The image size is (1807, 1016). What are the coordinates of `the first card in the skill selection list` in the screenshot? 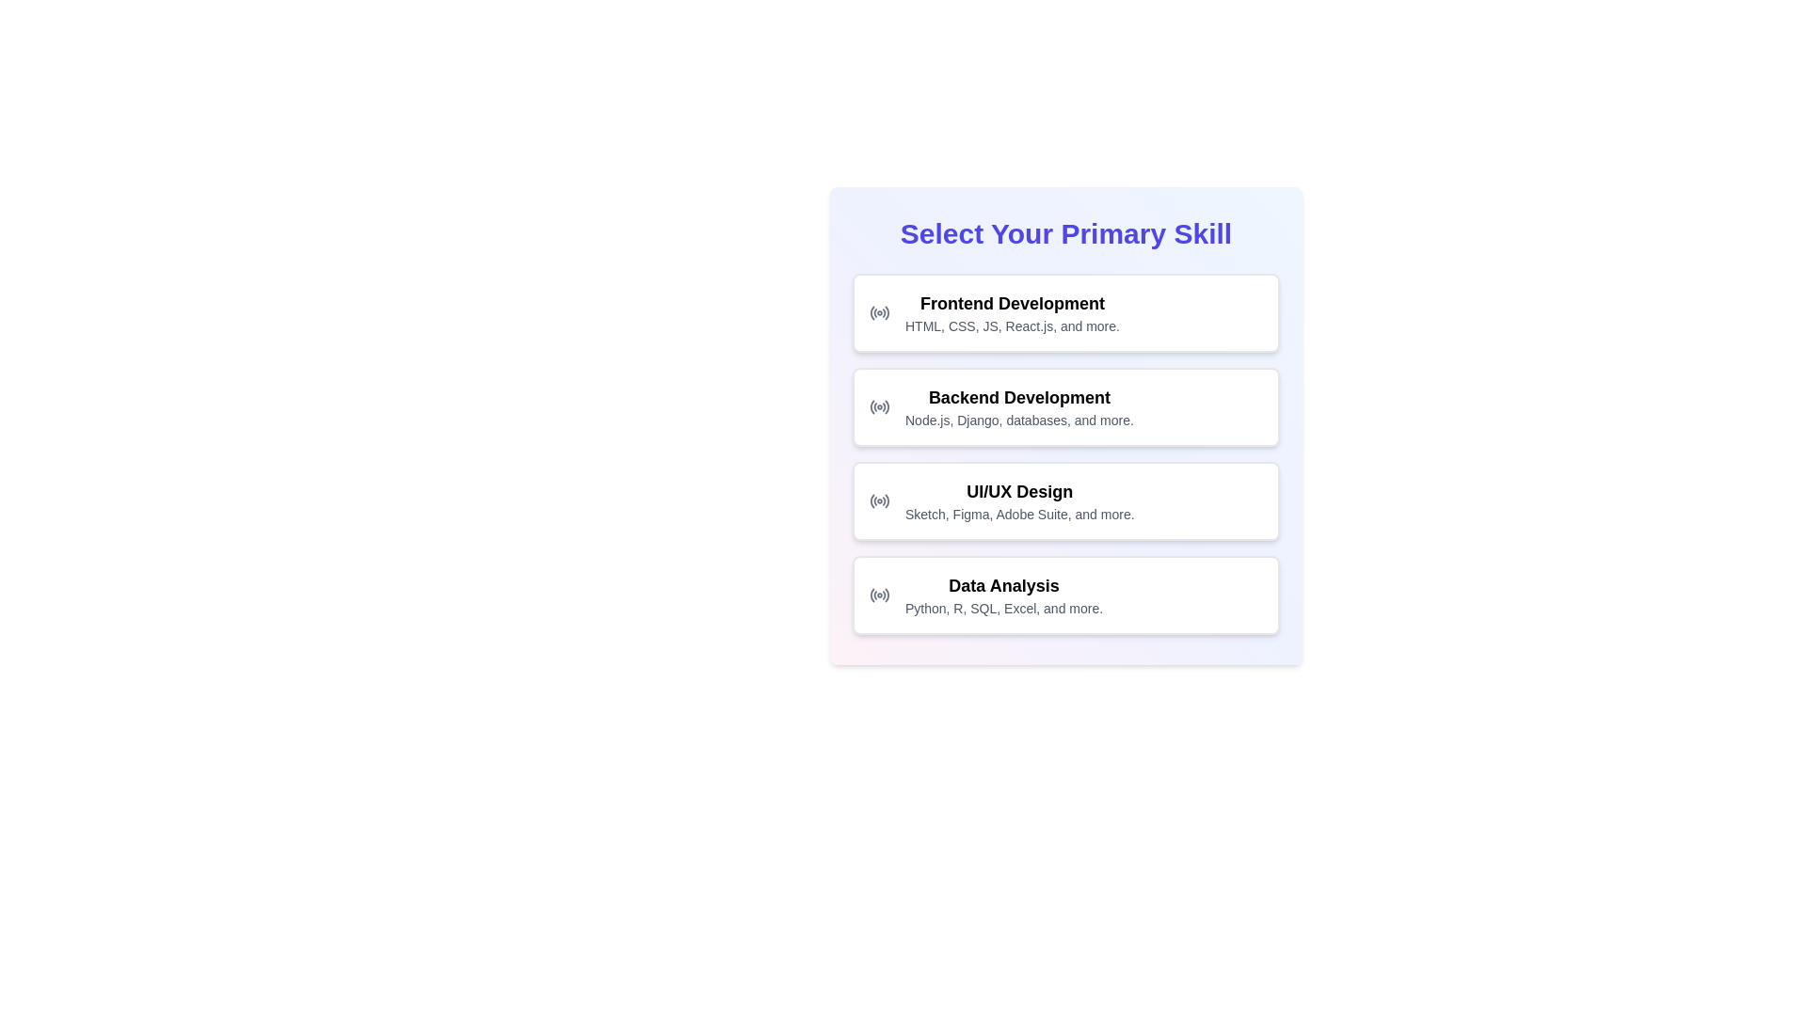 It's located at (1011, 311).